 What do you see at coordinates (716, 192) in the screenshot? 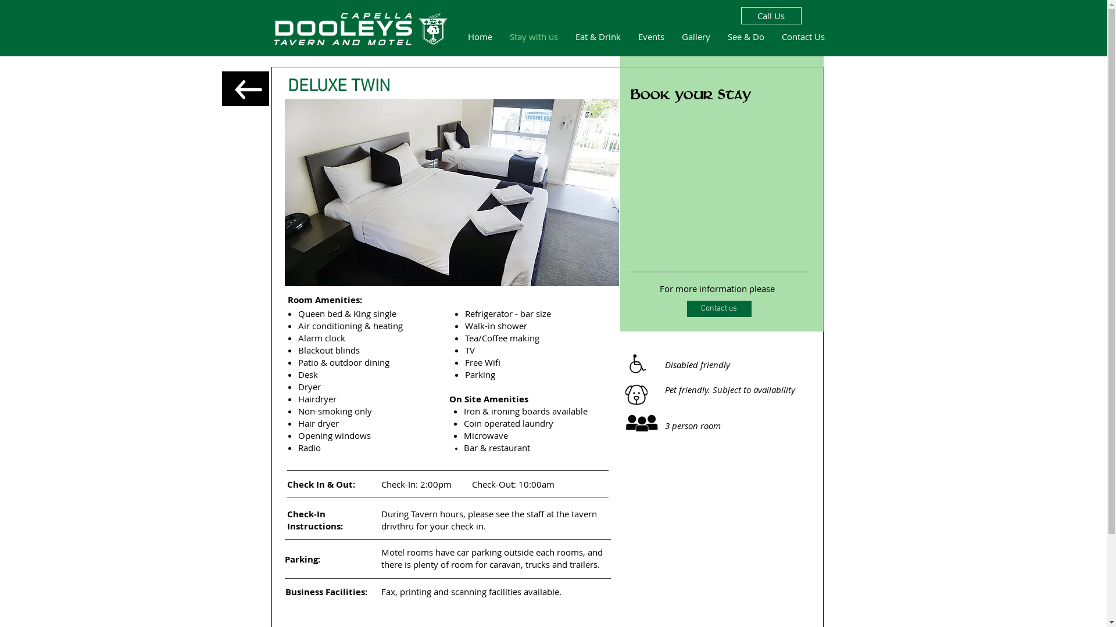
I see `'Embedded Content'` at bounding box center [716, 192].